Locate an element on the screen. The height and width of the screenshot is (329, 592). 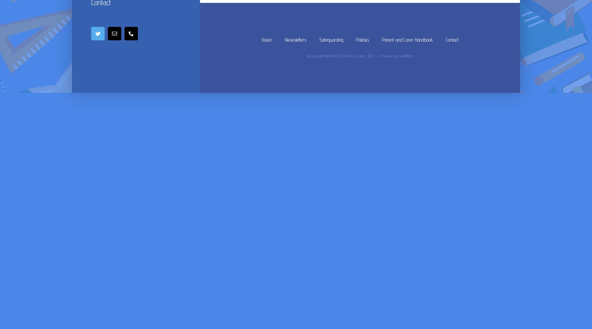
'Religion and Worldviews (RW)' is located at coordinates (318, 69).